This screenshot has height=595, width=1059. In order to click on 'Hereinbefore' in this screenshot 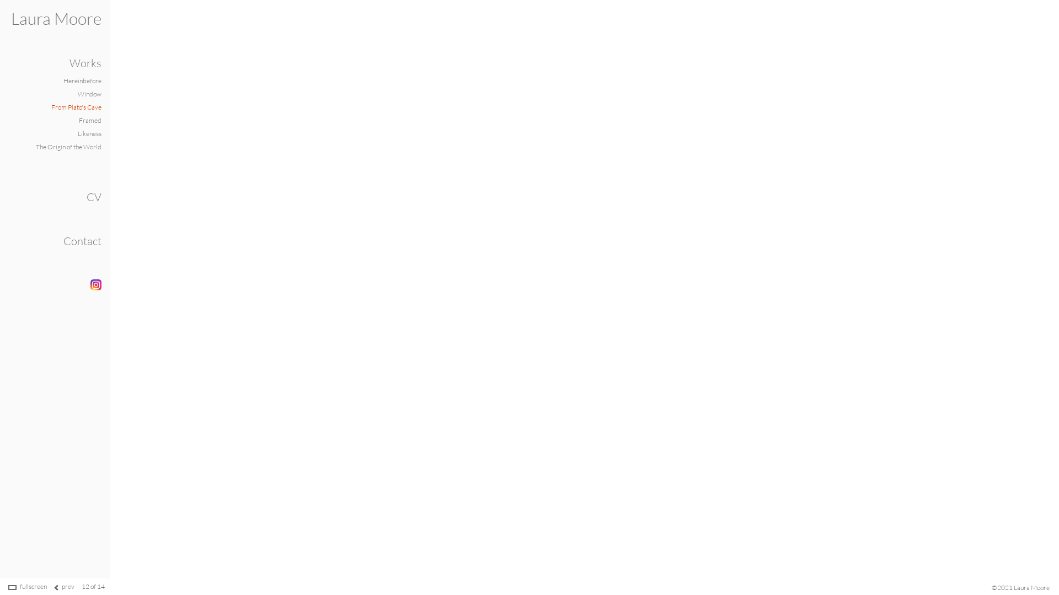, I will do `click(82, 80)`.